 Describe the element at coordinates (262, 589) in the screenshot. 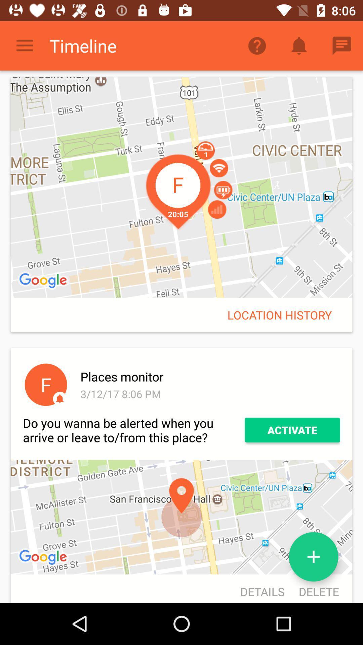

I see `details` at that location.